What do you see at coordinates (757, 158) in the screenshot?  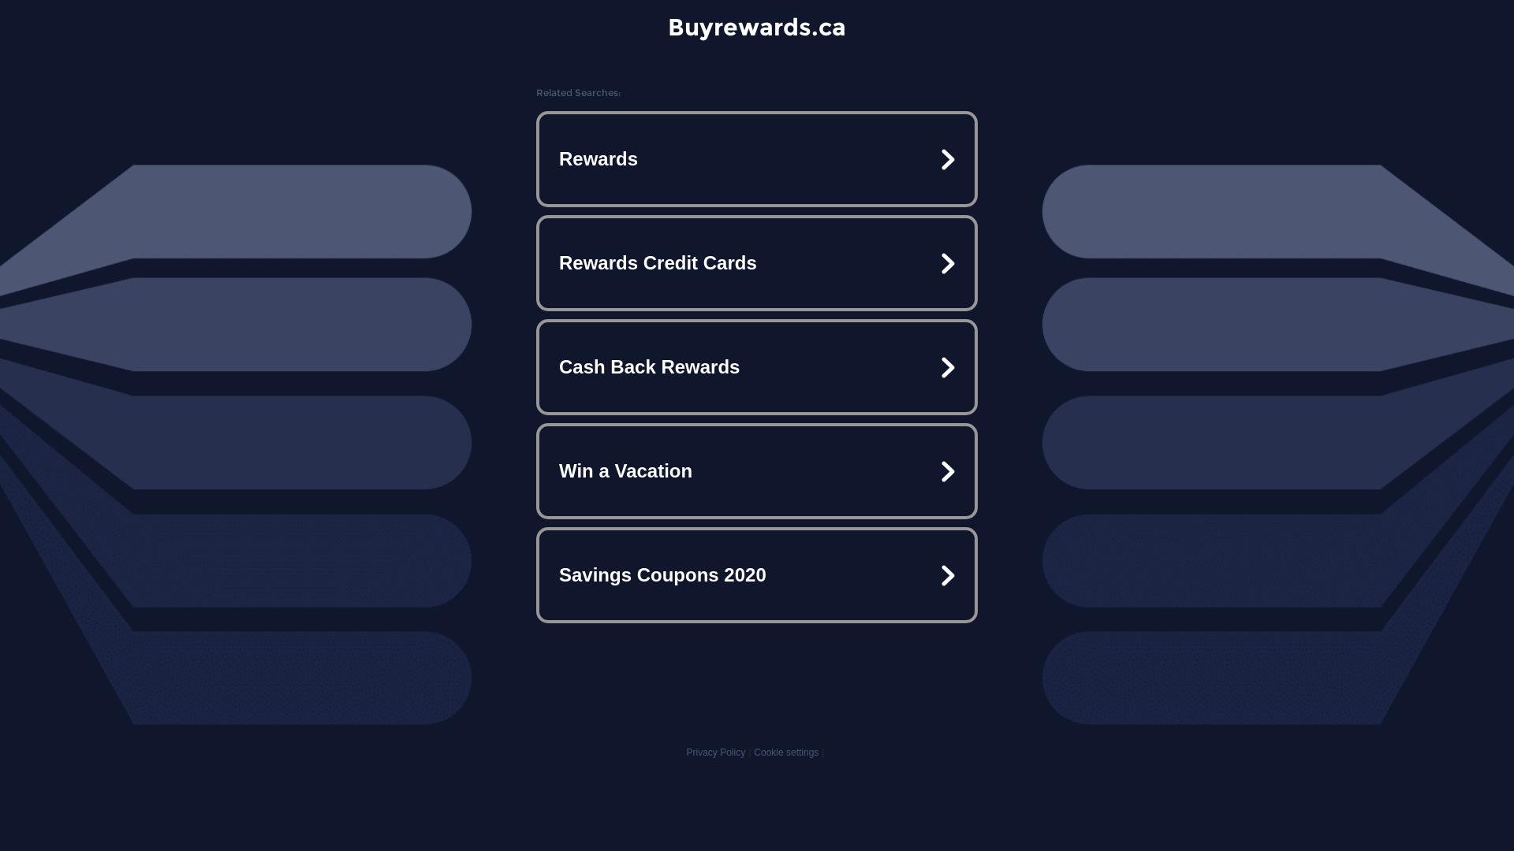 I see `'Rewards'` at bounding box center [757, 158].